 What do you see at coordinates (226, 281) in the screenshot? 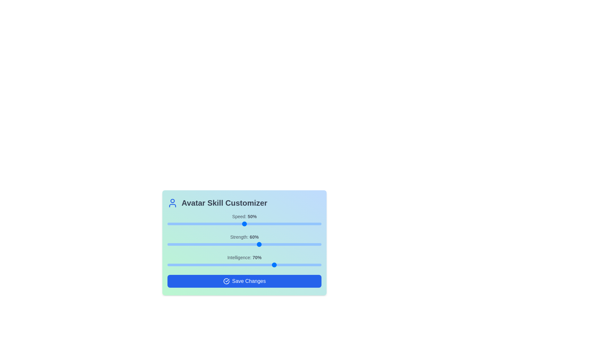
I see `the icon located to the left of the 'Save Changes' button in the avatar skills customization interface` at bounding box center [226, 281].